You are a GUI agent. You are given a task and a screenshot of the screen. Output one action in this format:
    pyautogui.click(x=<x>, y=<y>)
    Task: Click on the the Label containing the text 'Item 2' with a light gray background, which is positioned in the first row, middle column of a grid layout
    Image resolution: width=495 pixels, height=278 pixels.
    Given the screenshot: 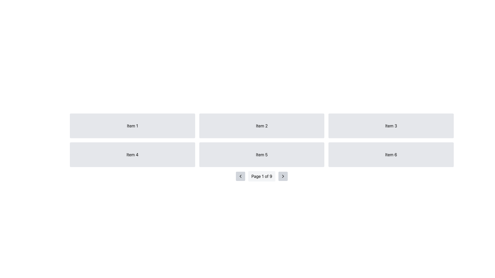 What is the action you would take?
    pyautogui.click(x=262, y=126)
    